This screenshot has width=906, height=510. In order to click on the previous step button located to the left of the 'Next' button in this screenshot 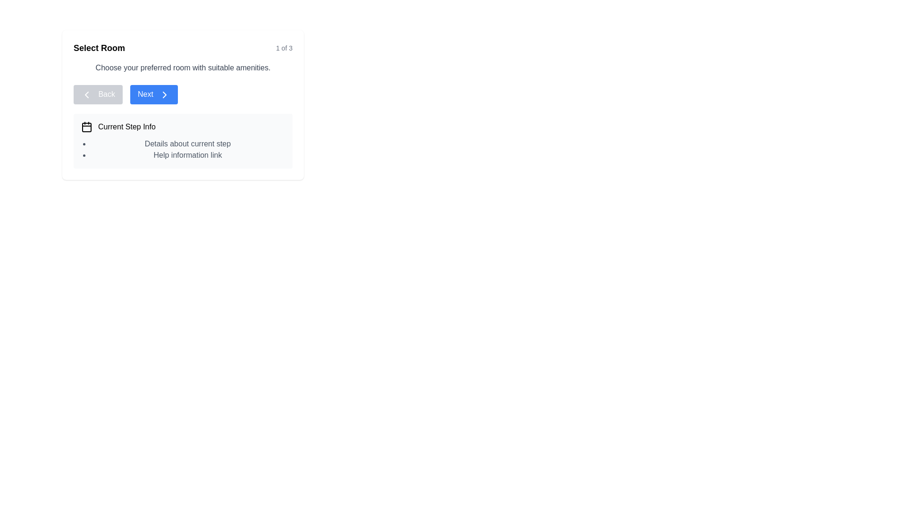, I will do `click(98, 94)`.